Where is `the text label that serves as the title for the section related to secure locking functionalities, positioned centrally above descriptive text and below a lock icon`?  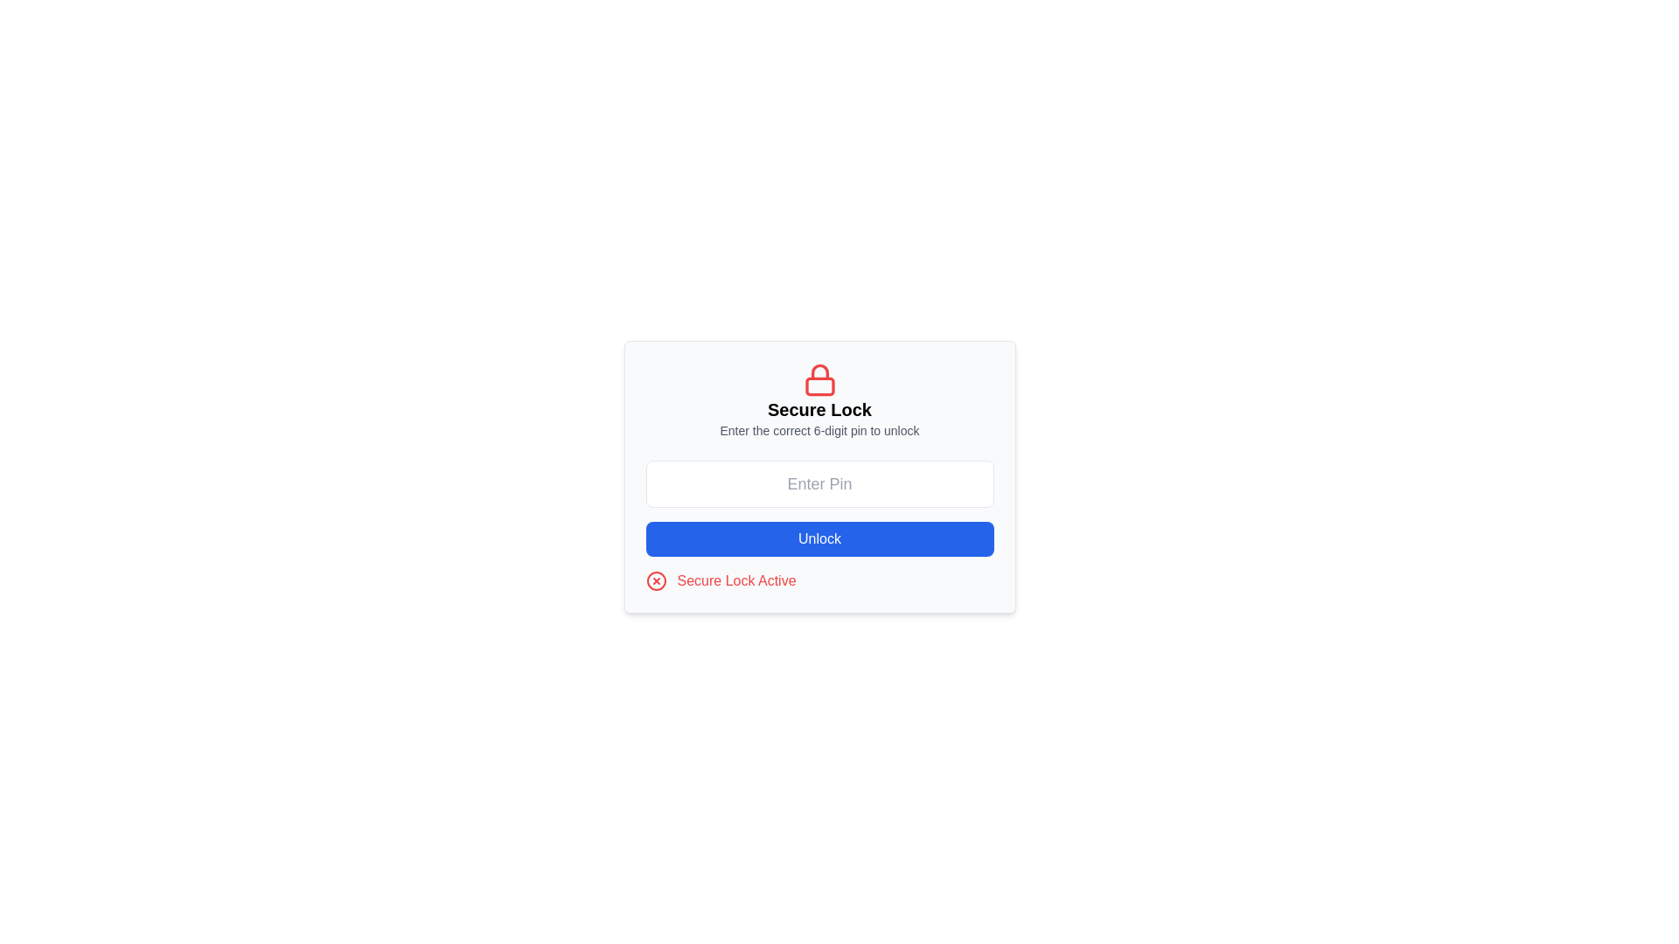
the text label that serves as the title for the section related to secure locking functionalities, positioned centrally above descriptive text and below a lock icon is located at coordinates (819, 410).